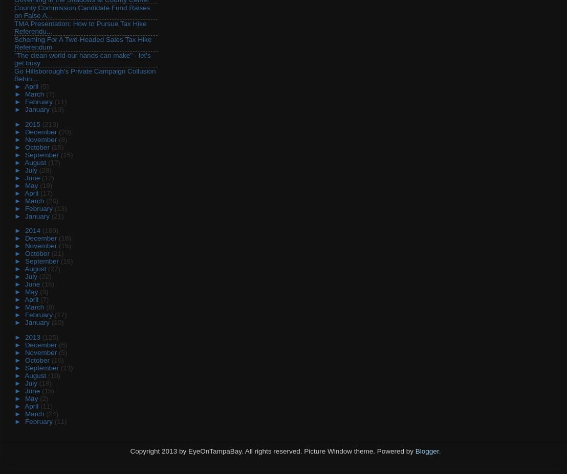  What do you see at coordinates (33, 230) in the screenshot?
I see `'2014'` at bounding box center [33, 230].